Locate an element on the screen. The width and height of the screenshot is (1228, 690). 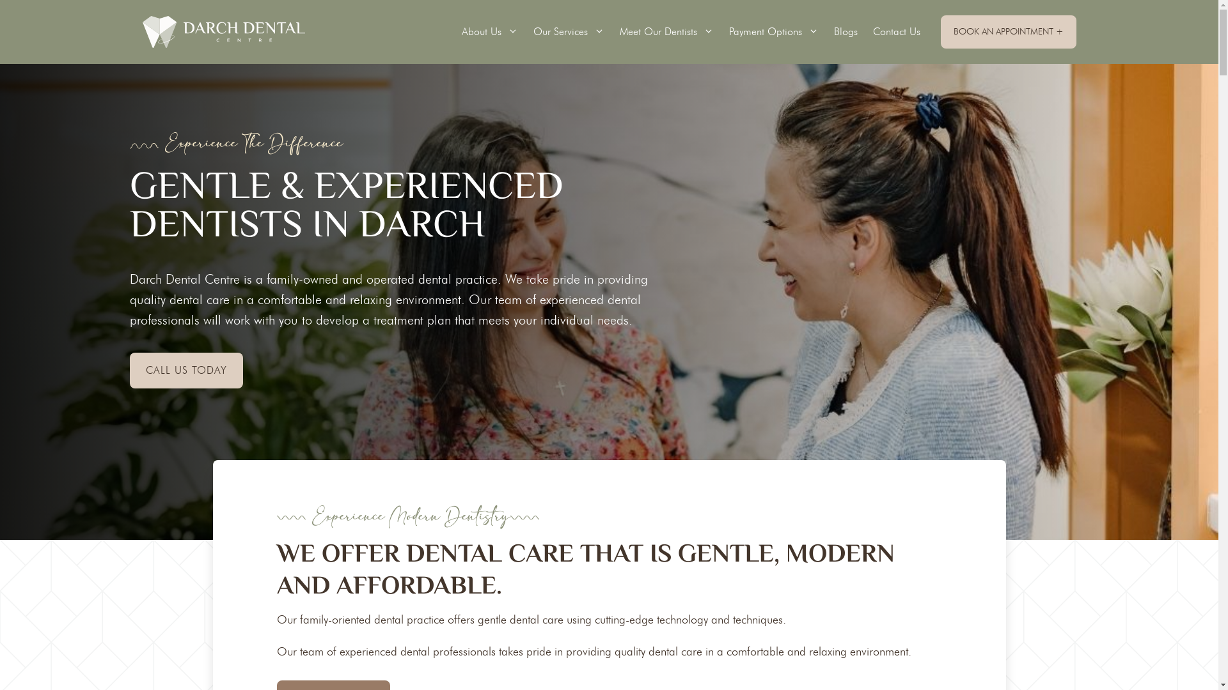
'Meet Our Dentists' is located at coordinates (665, 31).